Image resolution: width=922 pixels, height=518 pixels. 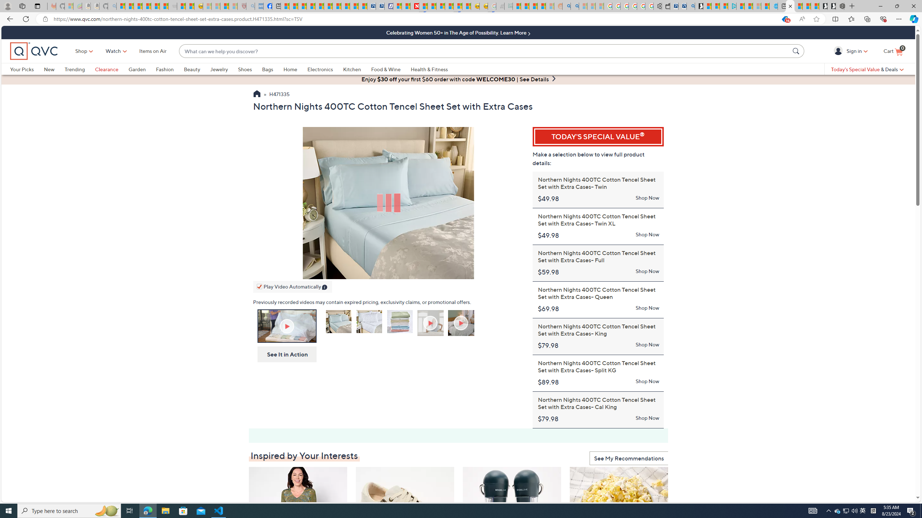 I want to click on 'Garden', so click(x=142, y=69).